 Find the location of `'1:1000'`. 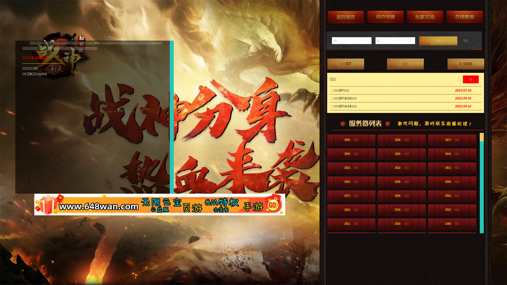

'1:1000' is located at coordinates (466, 64).